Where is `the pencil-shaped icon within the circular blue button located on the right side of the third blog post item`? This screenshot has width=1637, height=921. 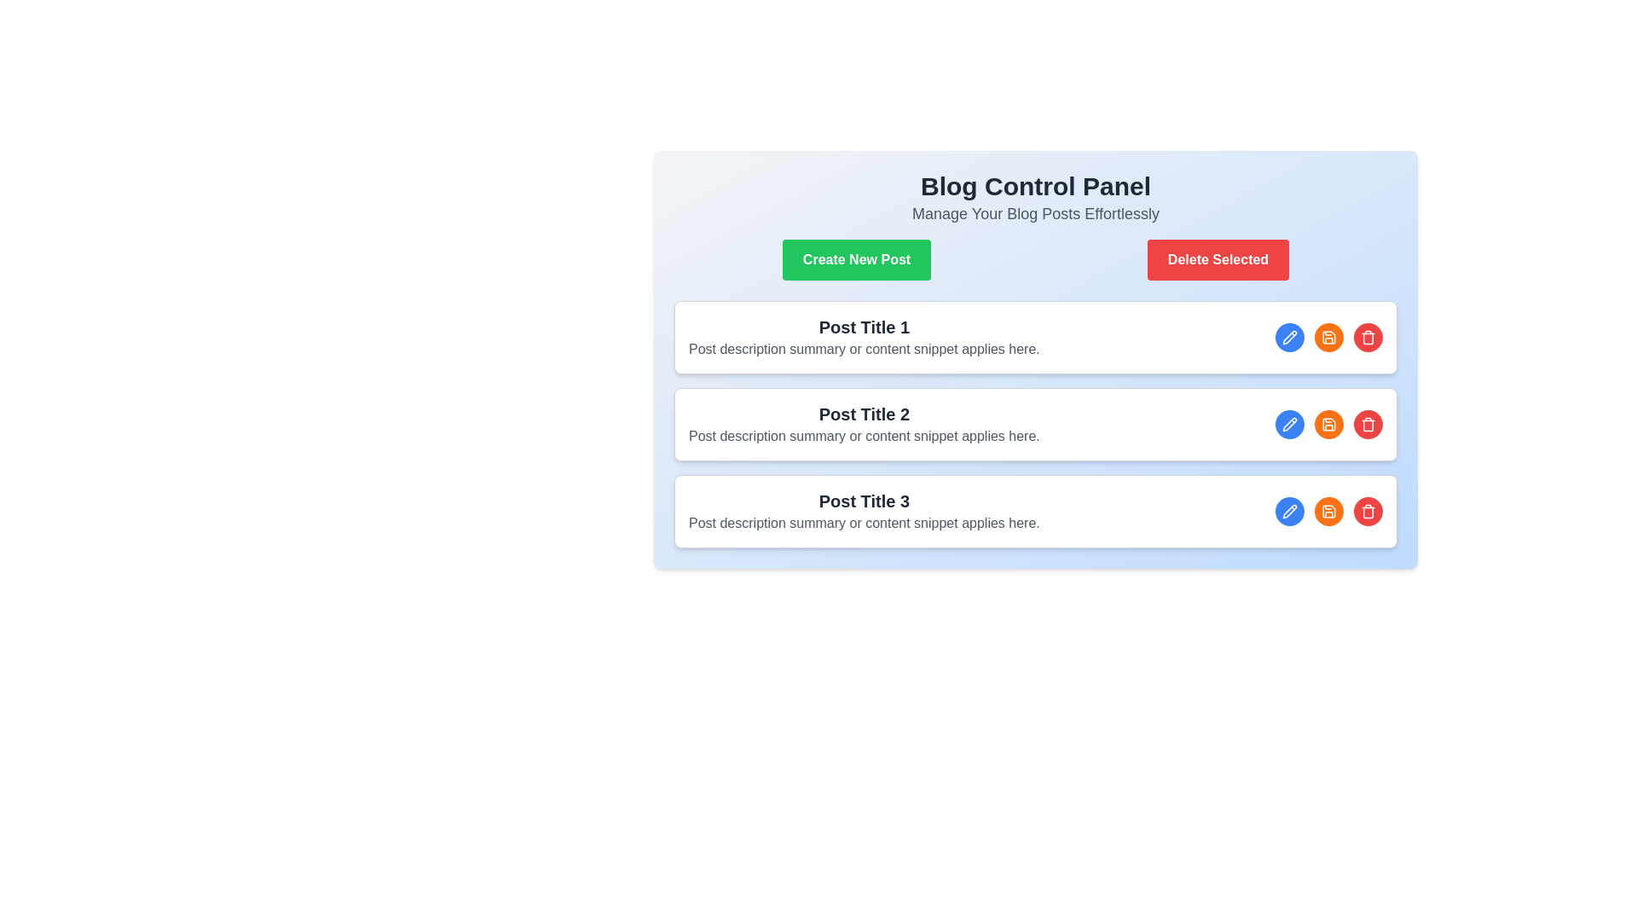
the pencil-shaped icon within the circular blue button located on the right side of the third blog post item is located at coordinates (1289, 423).